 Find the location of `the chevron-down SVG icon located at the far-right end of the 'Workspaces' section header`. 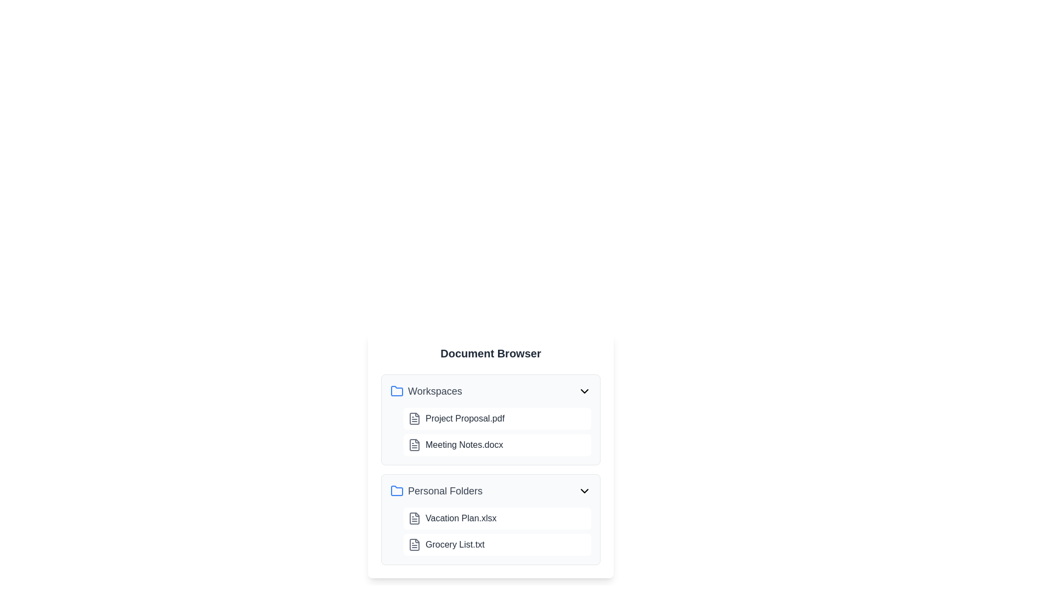

the chevron-down SVG icon located at the far-right end of the 'Workspaces' section header is located at coordinates (584, 390).